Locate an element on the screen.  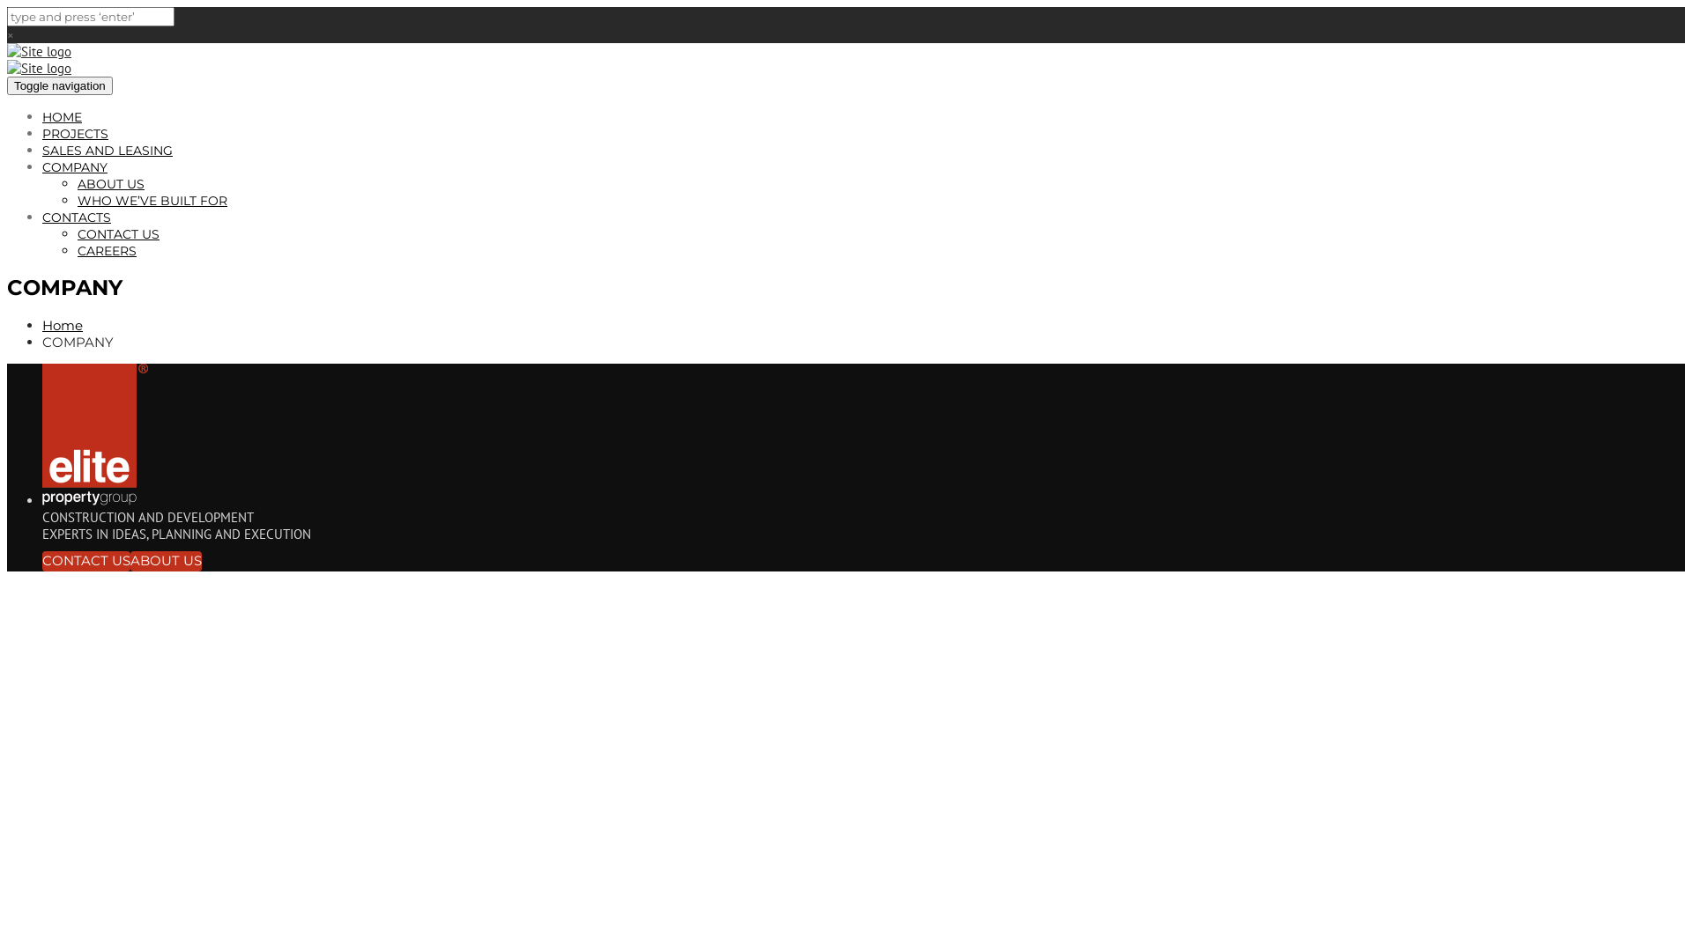
'Toggle navigation' is located at coordinates (59, 85).